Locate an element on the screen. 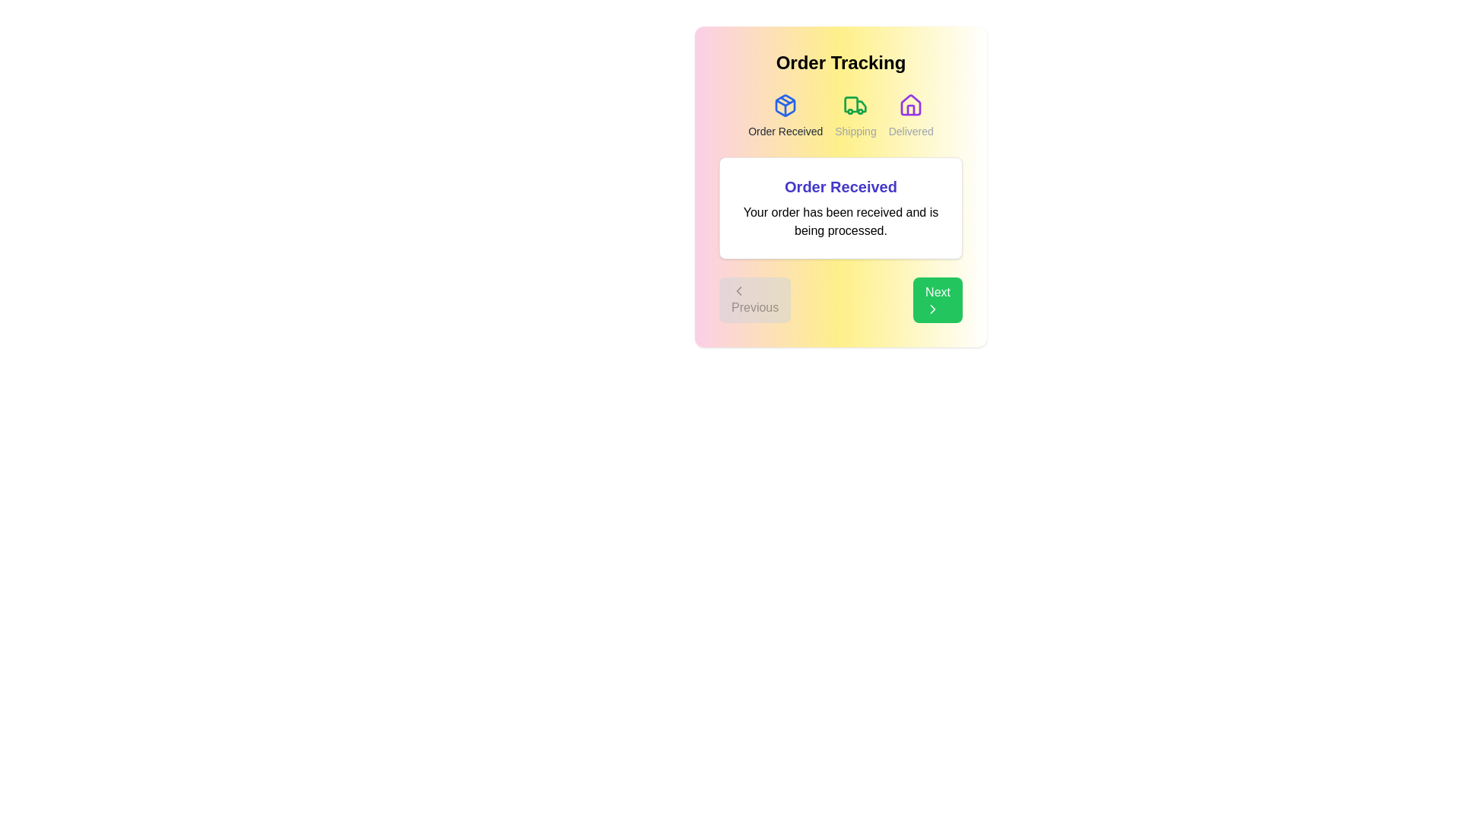 The width and height of the screenshot is (1460, 821). the 'Next' button to navigate to the next step is located at coordinates (937, 300).